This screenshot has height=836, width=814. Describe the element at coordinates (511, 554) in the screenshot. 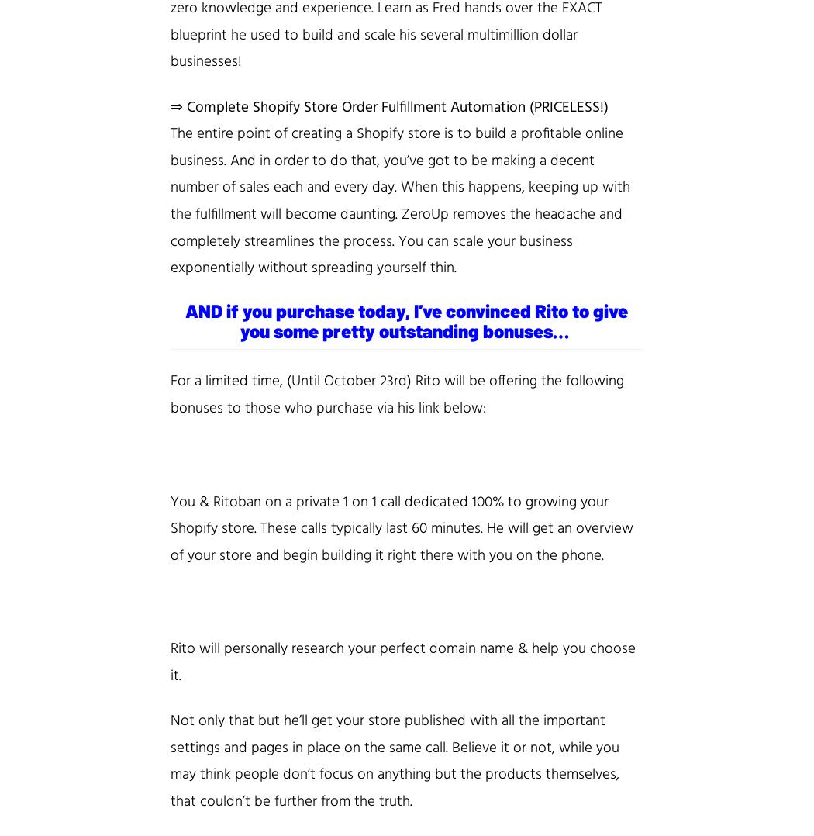

I see `'there with you on the phone.'` at that location.